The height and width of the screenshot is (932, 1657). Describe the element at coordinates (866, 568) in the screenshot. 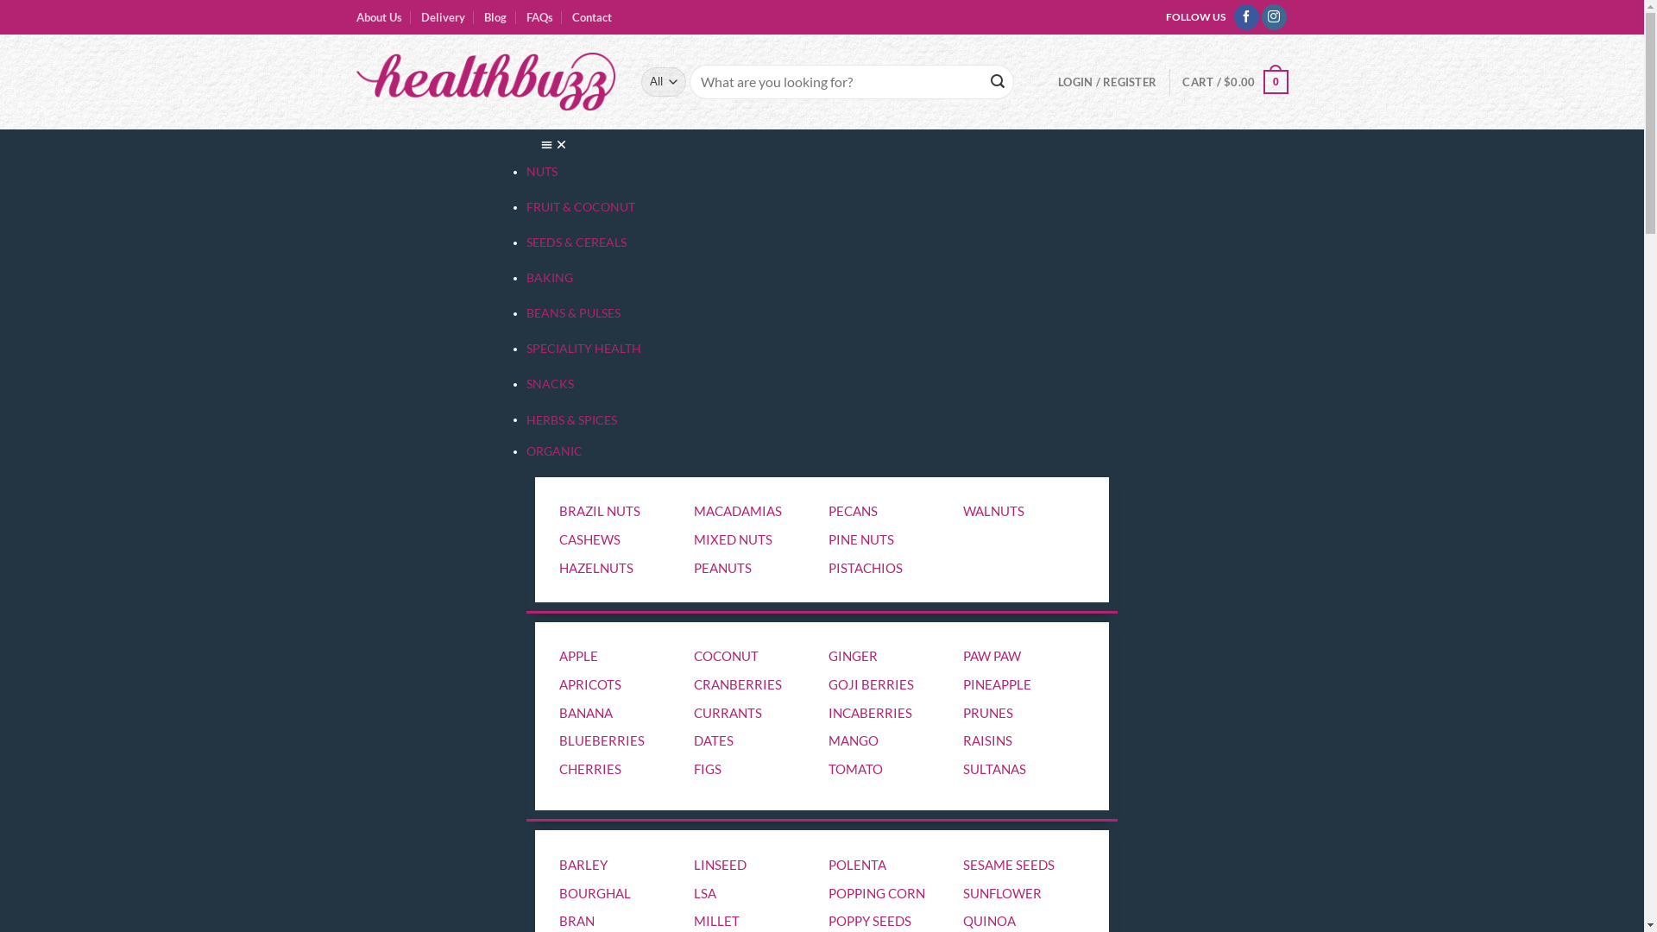

I see `'PISTACHIOS'` at that location.